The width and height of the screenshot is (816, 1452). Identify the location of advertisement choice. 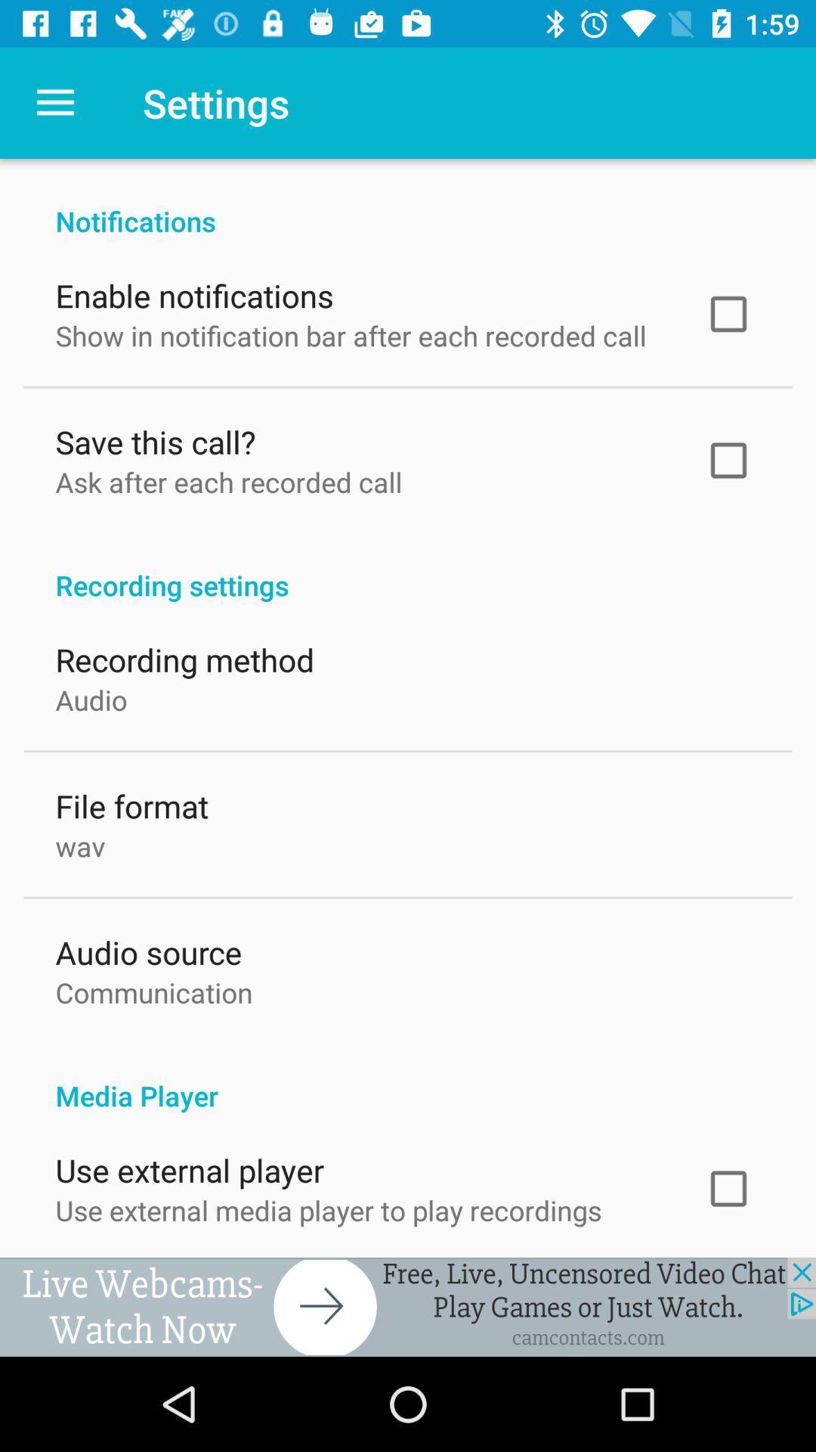
(408, 1306).